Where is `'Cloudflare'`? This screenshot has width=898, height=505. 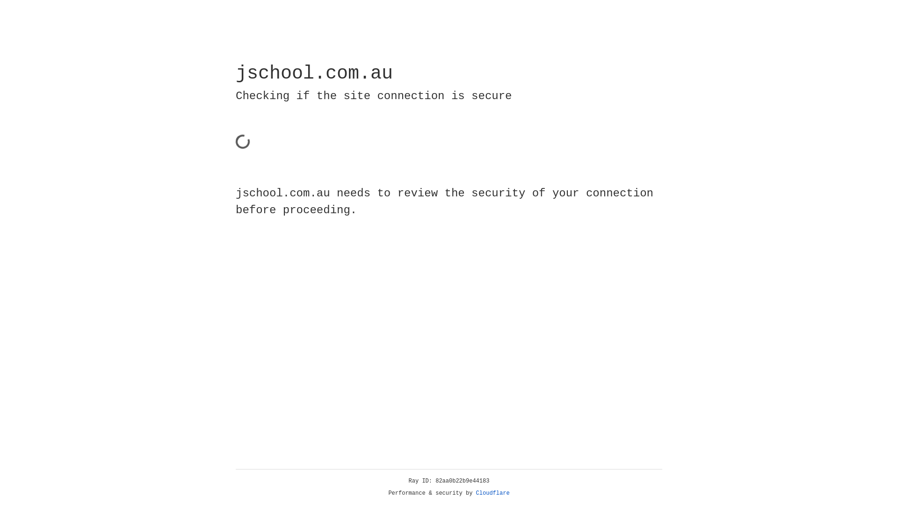 'Cloudflare' is located at coordinates (492, 493).